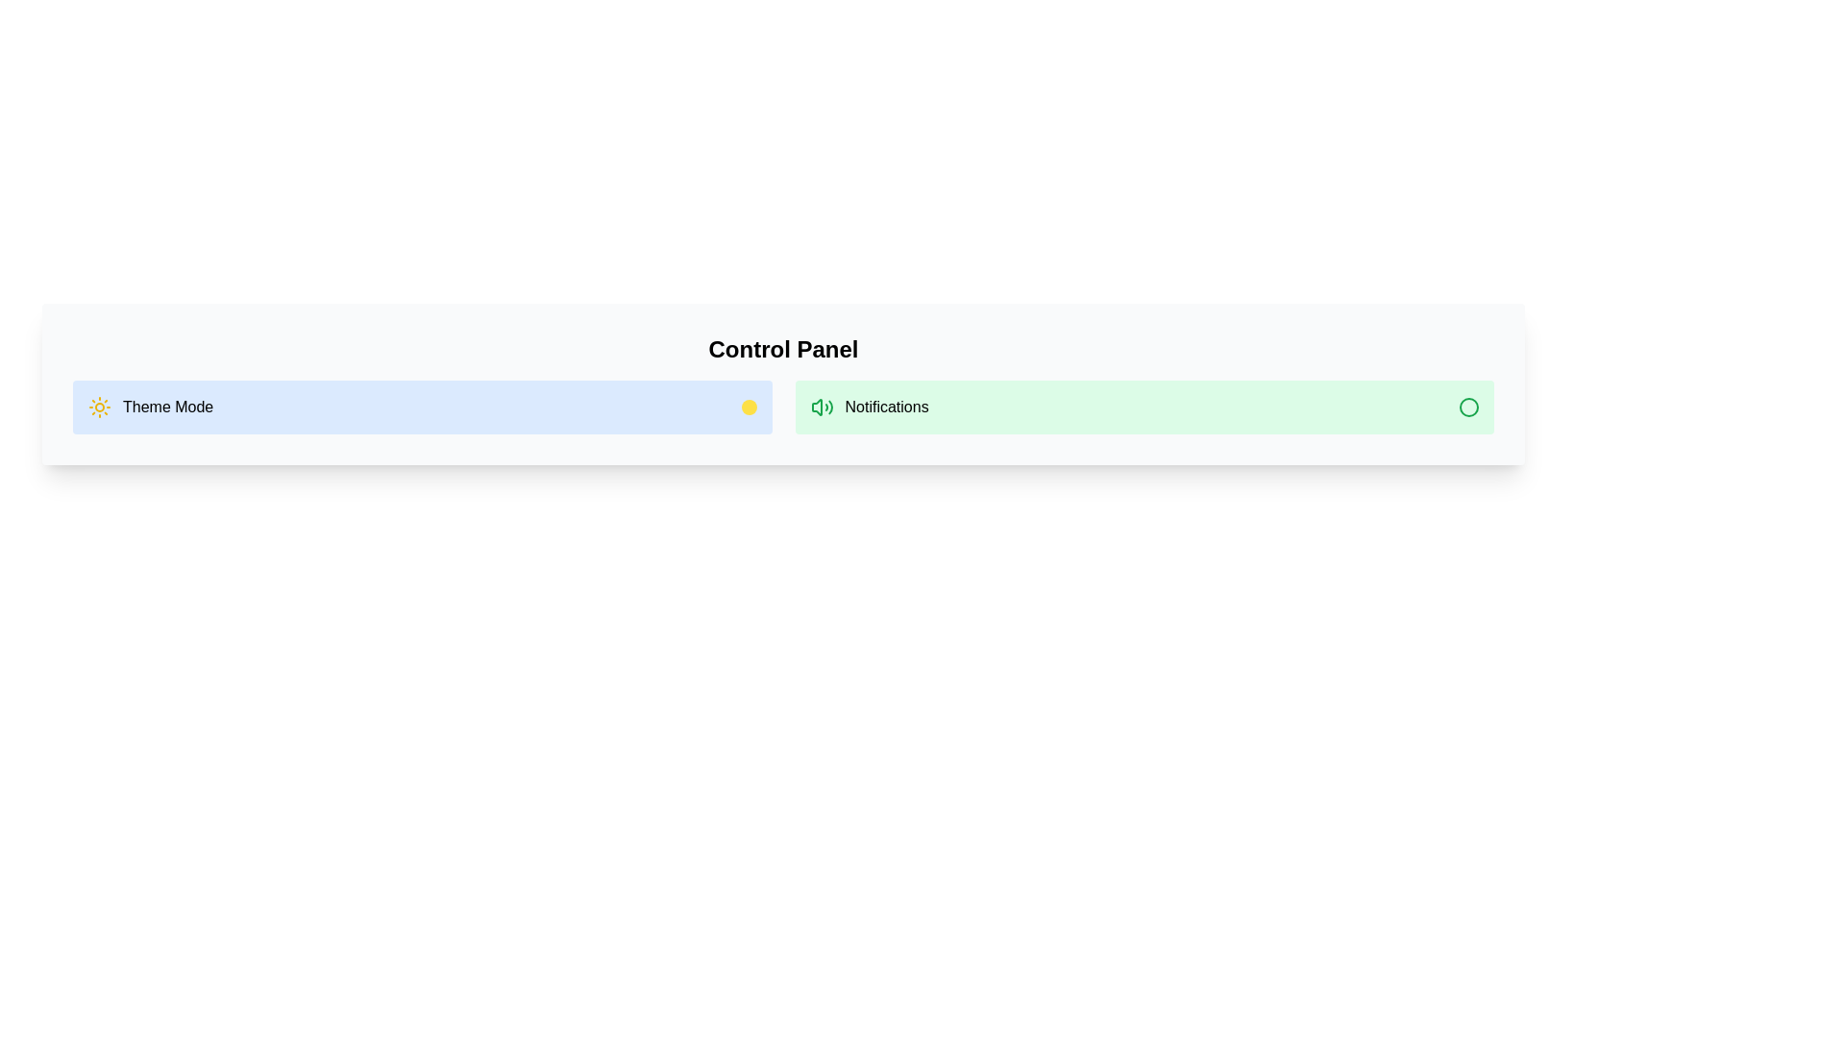 The image size is (1845, 1038). What do you see at coordinates (822, 407) in the screenshot?
I see `the notification settings icon located to the left of the 'Notifications' text in the right-aligned notification section` at bounding box center [822, 407].